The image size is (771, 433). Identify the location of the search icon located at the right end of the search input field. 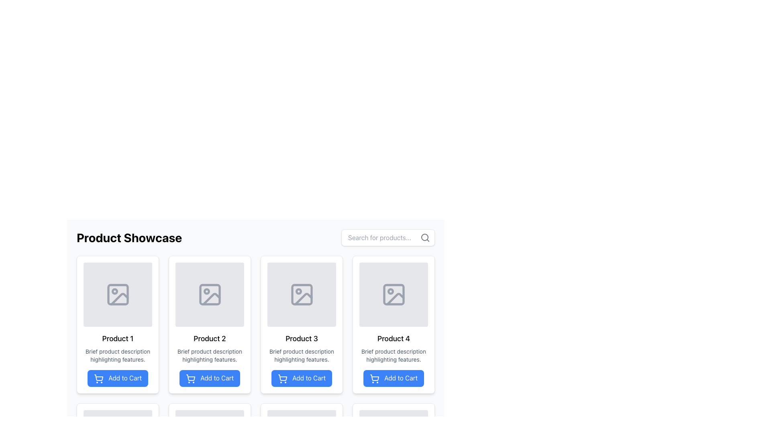
(425, 237).